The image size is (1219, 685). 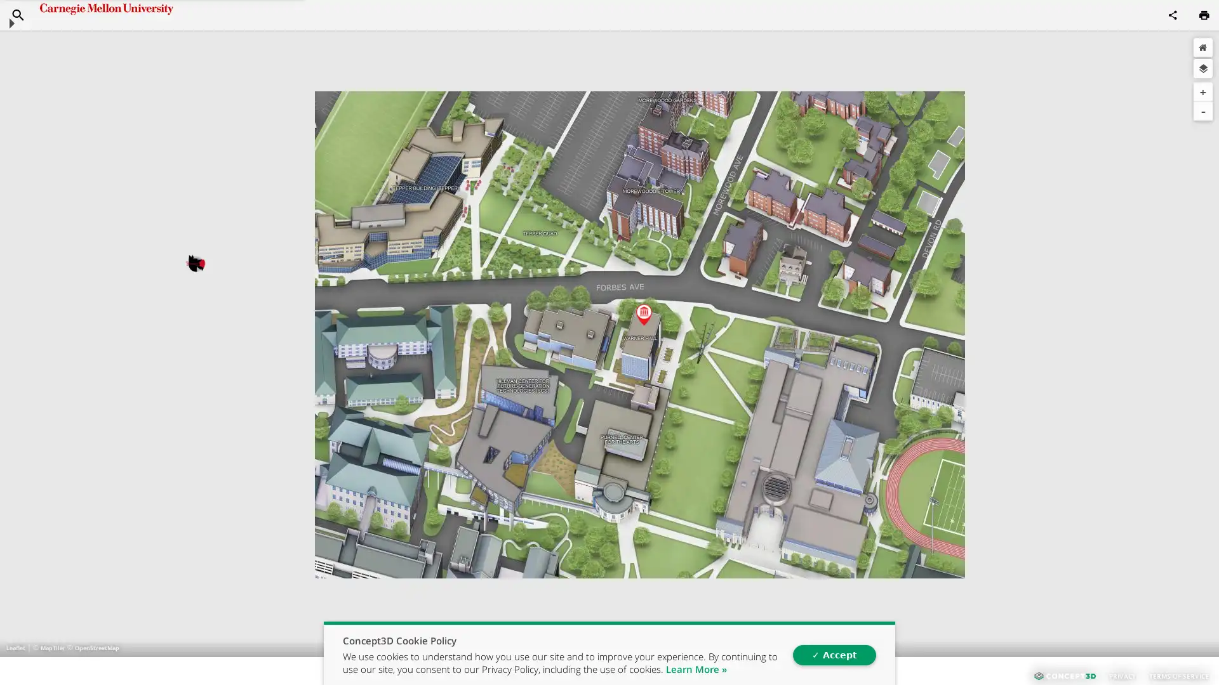 What do you see at coordinates (834, 655) in the screenshot?
I see `Accept Use of Cookies` at bounding box center [834, 655].